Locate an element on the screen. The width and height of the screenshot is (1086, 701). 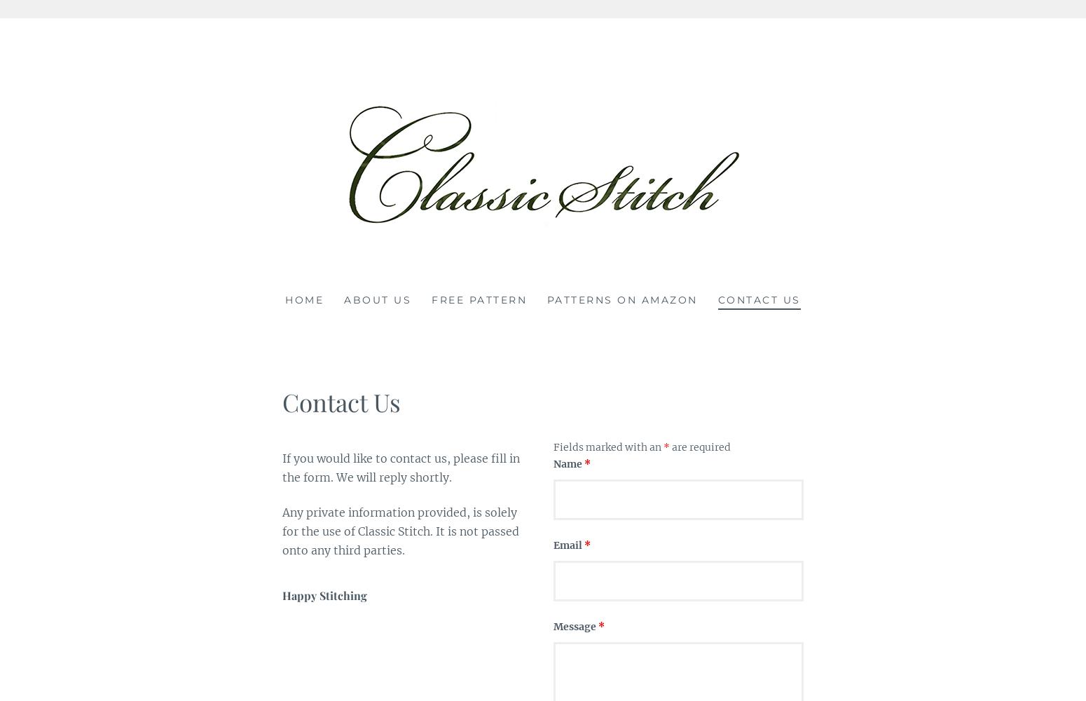
'Classic Stitch' is located at coordinates (121, 293).